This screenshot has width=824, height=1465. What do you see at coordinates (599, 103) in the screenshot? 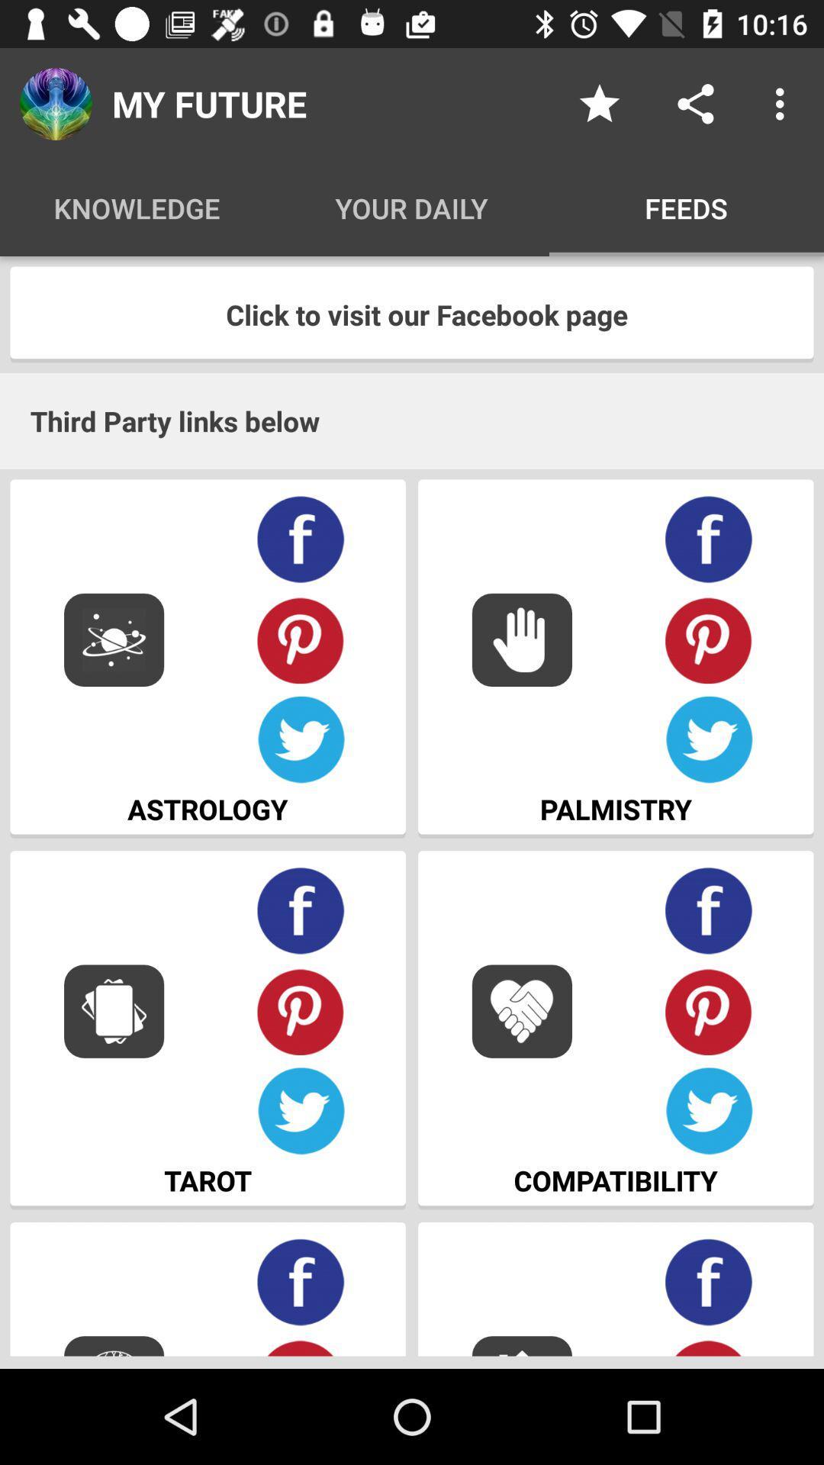
I see `icon above the feeds` at bounding box center [599, 103].